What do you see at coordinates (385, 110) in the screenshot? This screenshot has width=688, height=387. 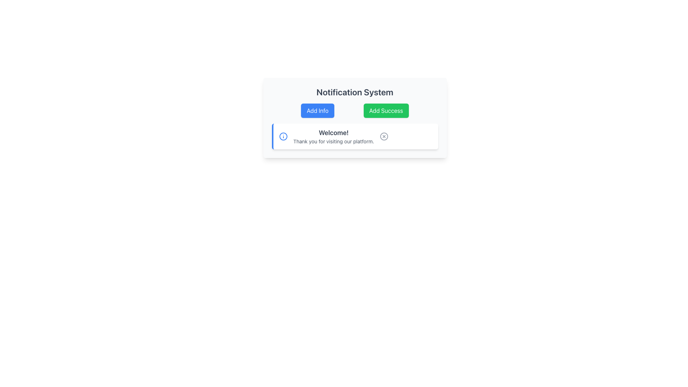 I see `the success notification button located in the middle-right section of the panel, which is the second button to the right of the 'Add Info' button` at bounding box center [385, 110].